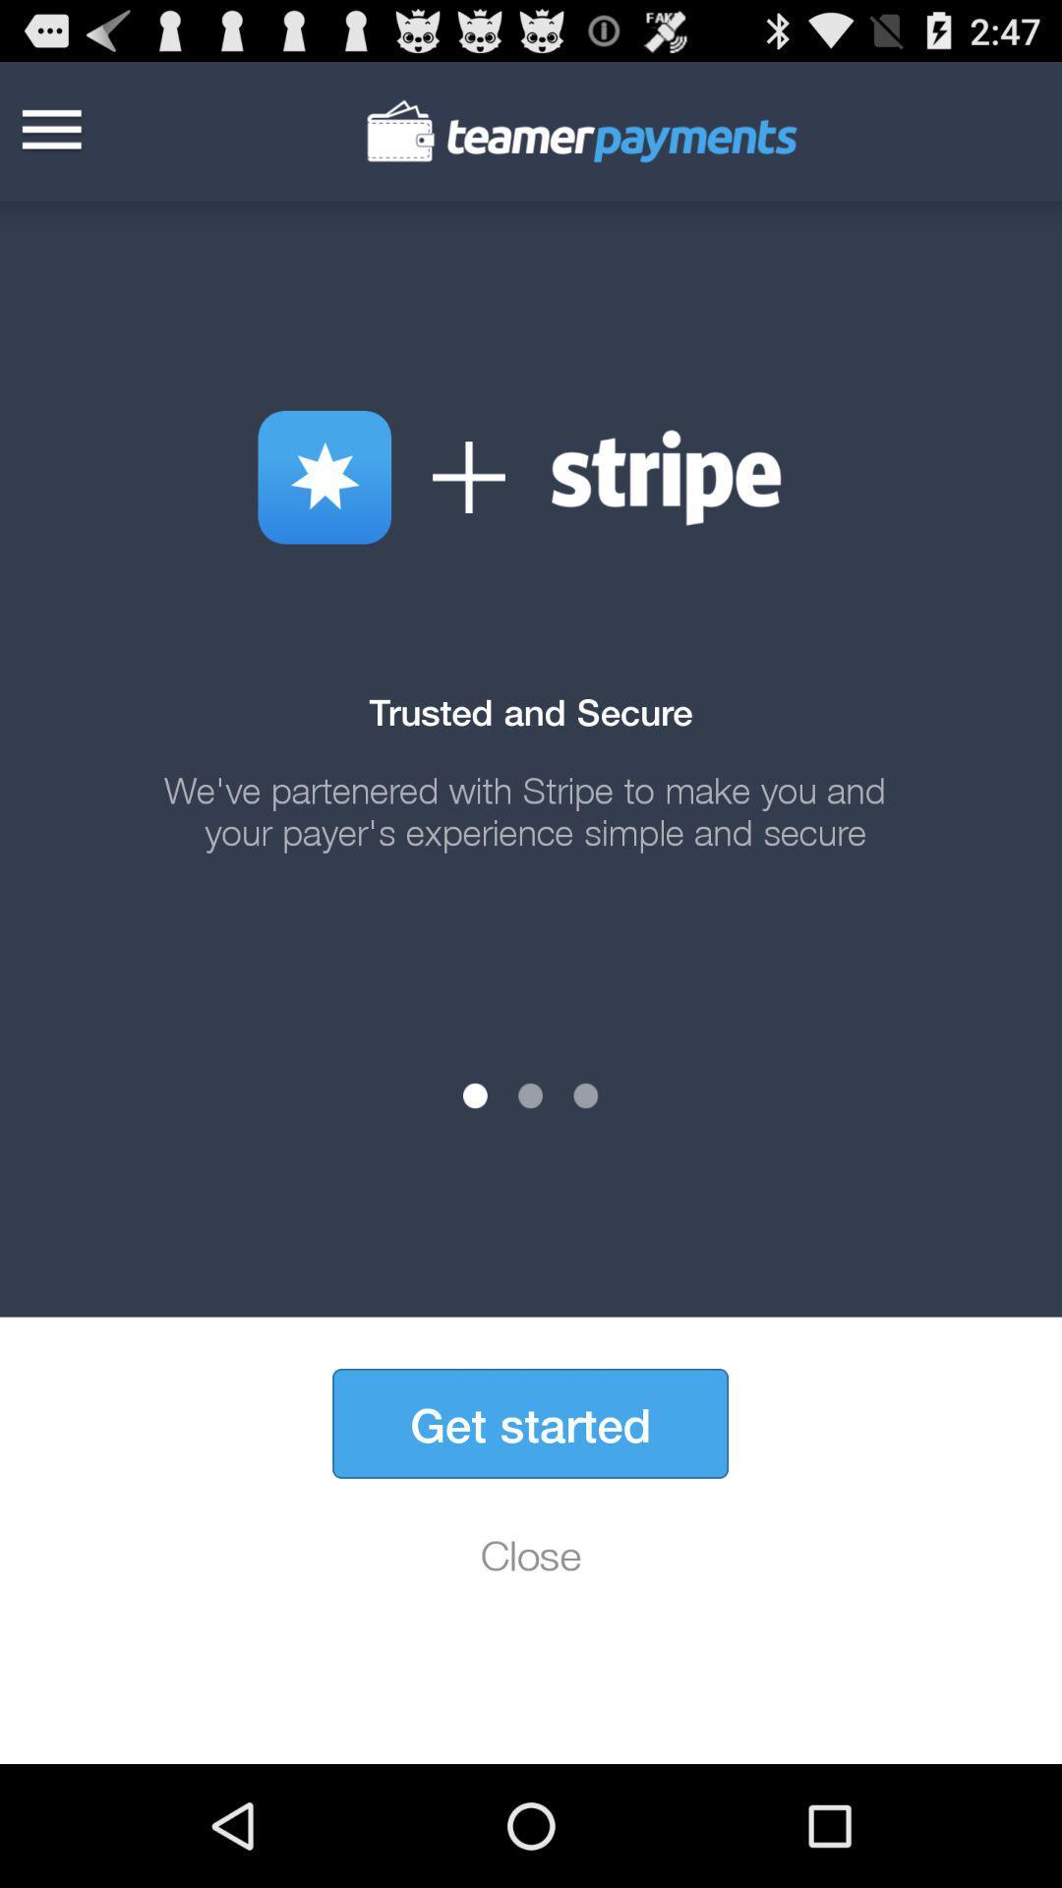 The image size is (1062, 1888). Describe the element at coordinates (531, 1554) in the screenshot. I see `the close item` at that location.